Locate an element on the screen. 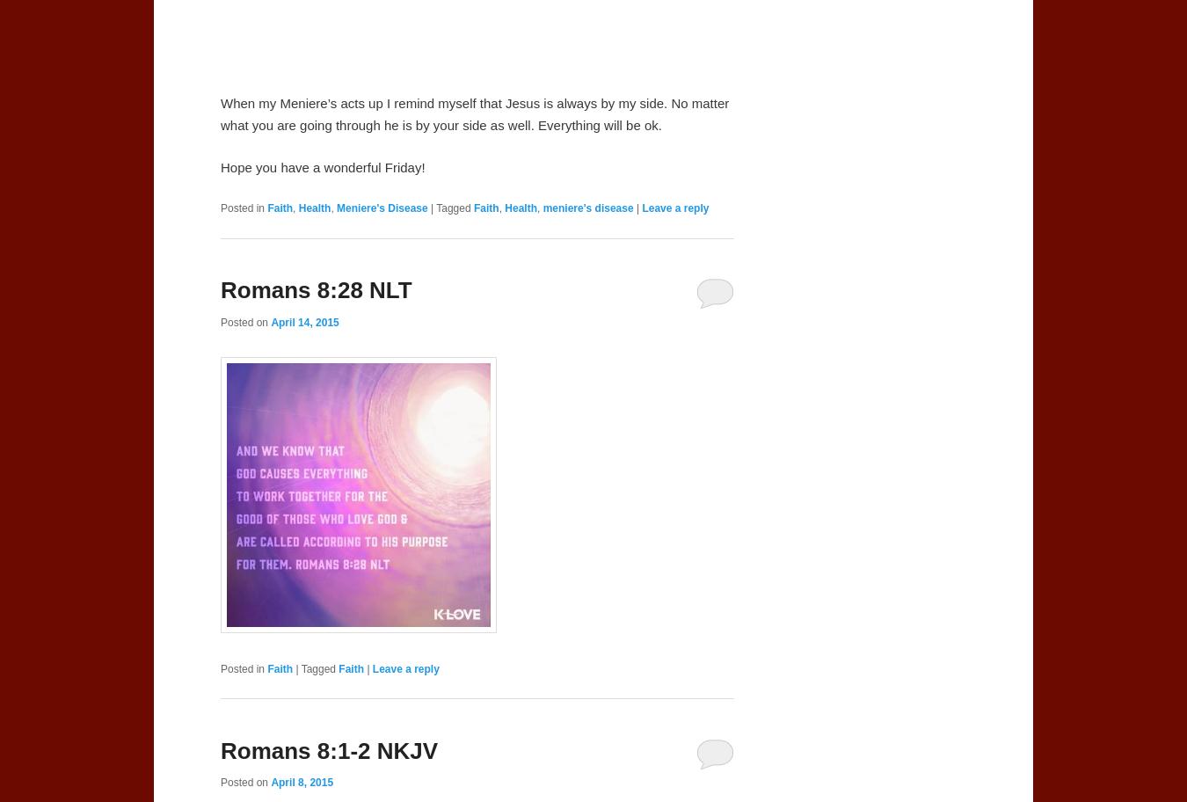 The width and height of the screenshot is (1187, 802). 'Hope you have a wonderful Friday!' is located at coordinates (323, 167).